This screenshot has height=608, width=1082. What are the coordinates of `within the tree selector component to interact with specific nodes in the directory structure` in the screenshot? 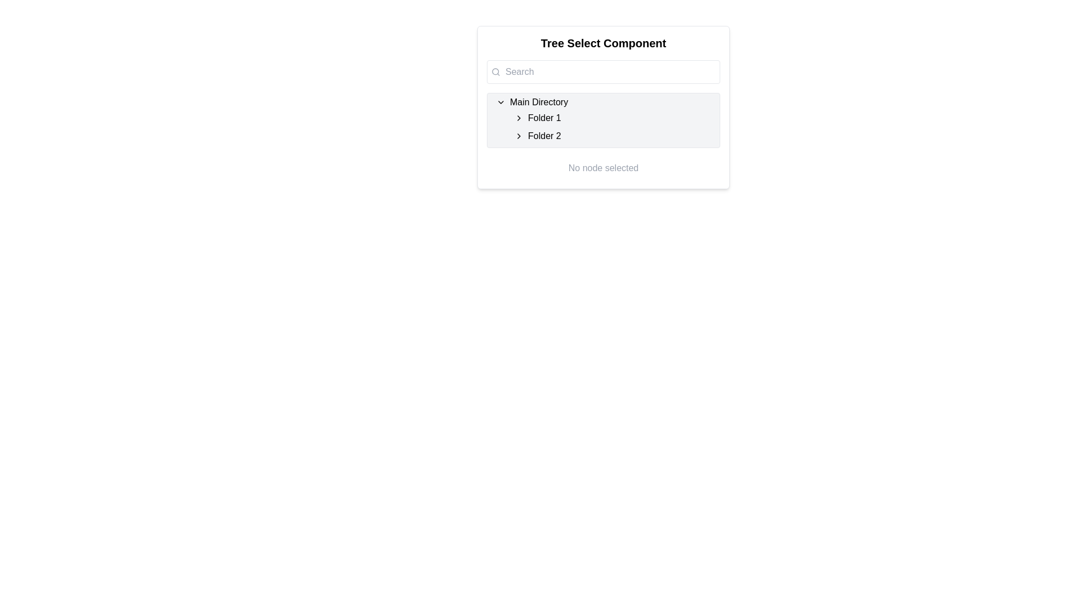 It's located at (602, 108).